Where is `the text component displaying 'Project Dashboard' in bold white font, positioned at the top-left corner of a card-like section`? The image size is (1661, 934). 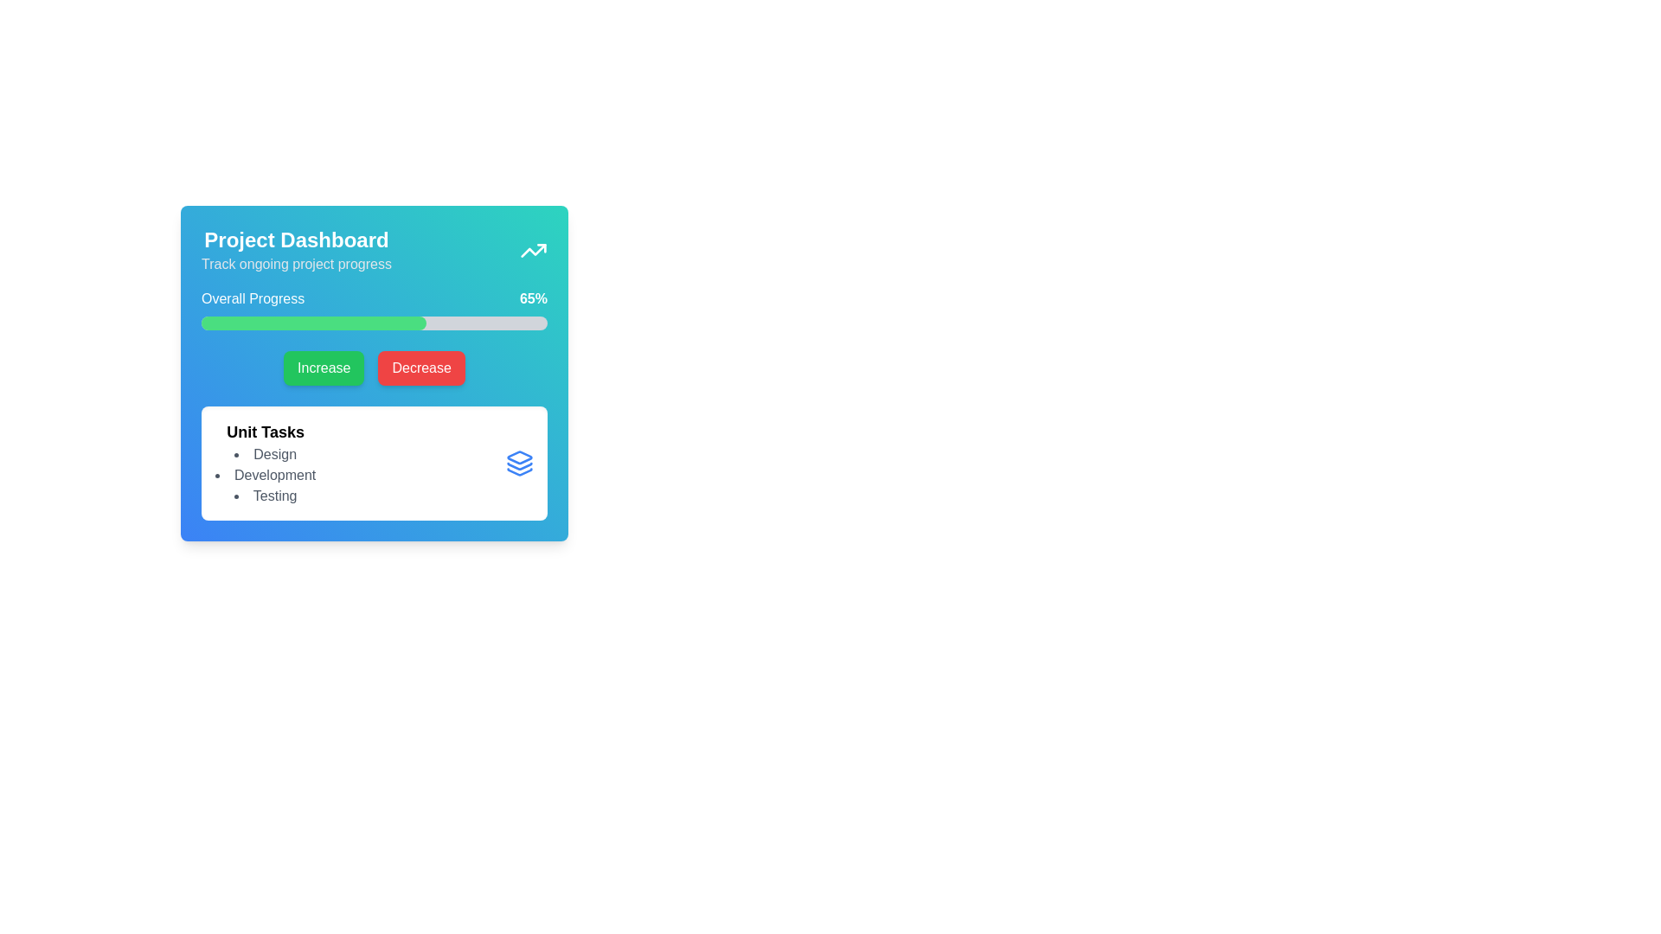
the text component displaying 'Project Dashboard' in bold white font, positioned at the top-left corner of a card-like section is located at coordinates (296, 240).